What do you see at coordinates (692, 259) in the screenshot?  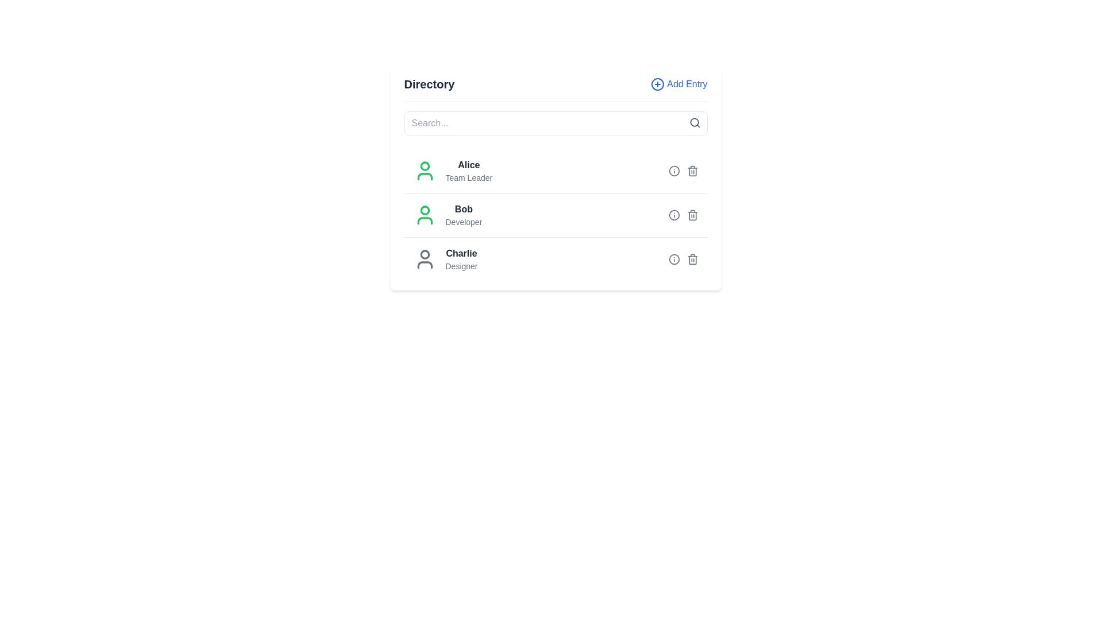 I see `the delete button represented by a gray trash bin icon, located at the far right of the third row corresponding to user 'Charlie'` at bounding box center [692, 259].